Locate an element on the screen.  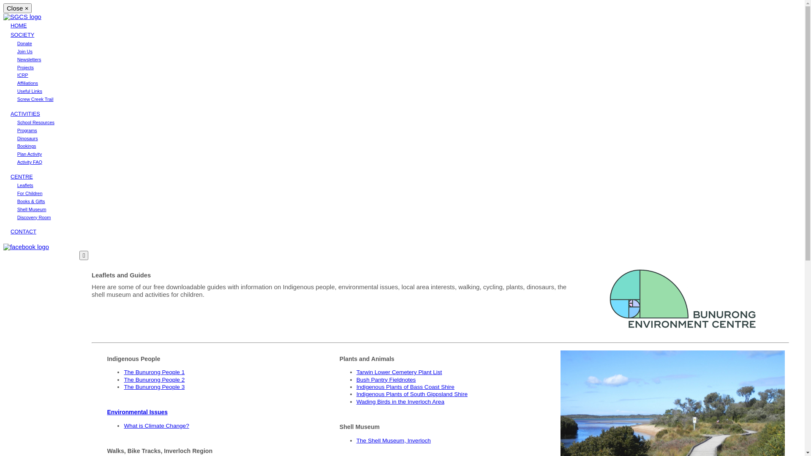
'Donate' is located at coordinates (24, 43).